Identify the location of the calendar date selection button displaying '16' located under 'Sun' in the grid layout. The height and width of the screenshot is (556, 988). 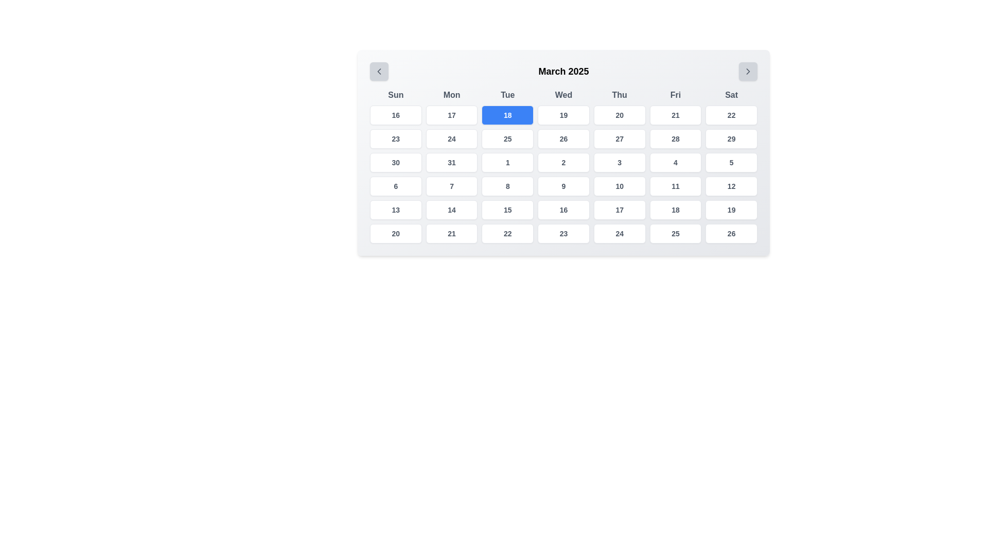
(395, 115).